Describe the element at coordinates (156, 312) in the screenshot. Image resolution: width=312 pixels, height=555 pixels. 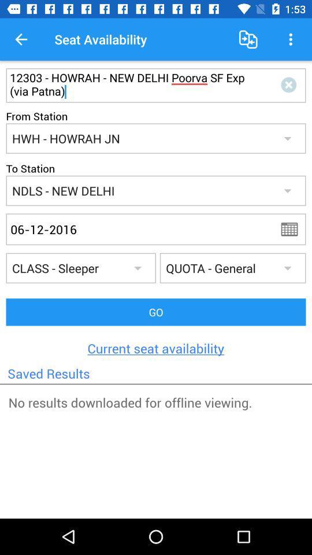
I see `the go item` at that location.